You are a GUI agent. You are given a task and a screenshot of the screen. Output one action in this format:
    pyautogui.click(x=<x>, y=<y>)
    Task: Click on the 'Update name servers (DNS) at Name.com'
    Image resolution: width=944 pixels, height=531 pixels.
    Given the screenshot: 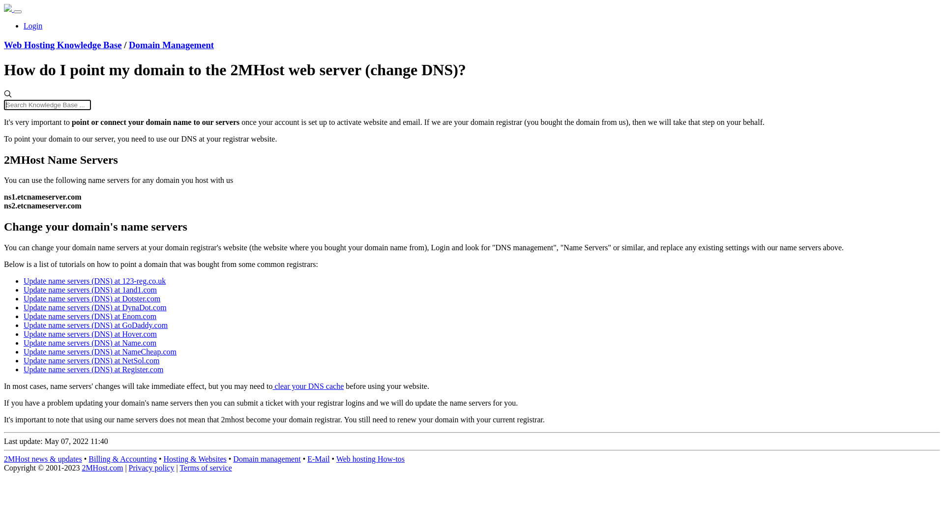 What is the action you would take?
    pyautogui.click(x=89, y=342)
    